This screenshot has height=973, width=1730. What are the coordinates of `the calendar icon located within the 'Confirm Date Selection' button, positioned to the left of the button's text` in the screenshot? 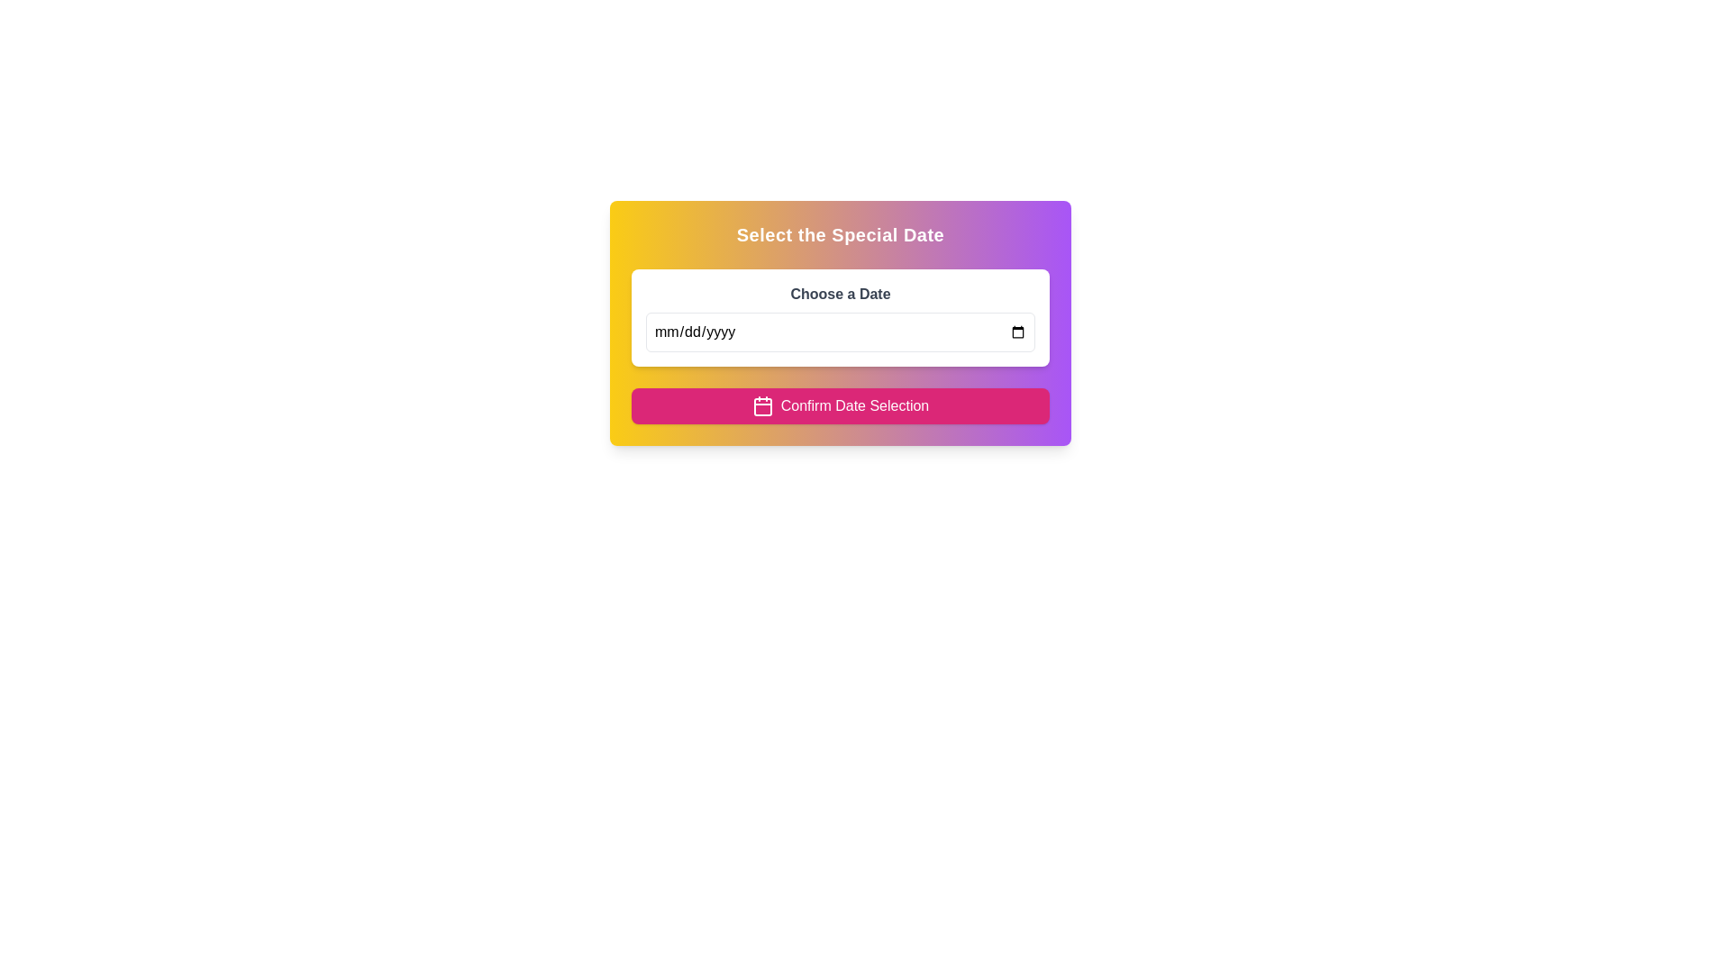 It's located at (762, 406).